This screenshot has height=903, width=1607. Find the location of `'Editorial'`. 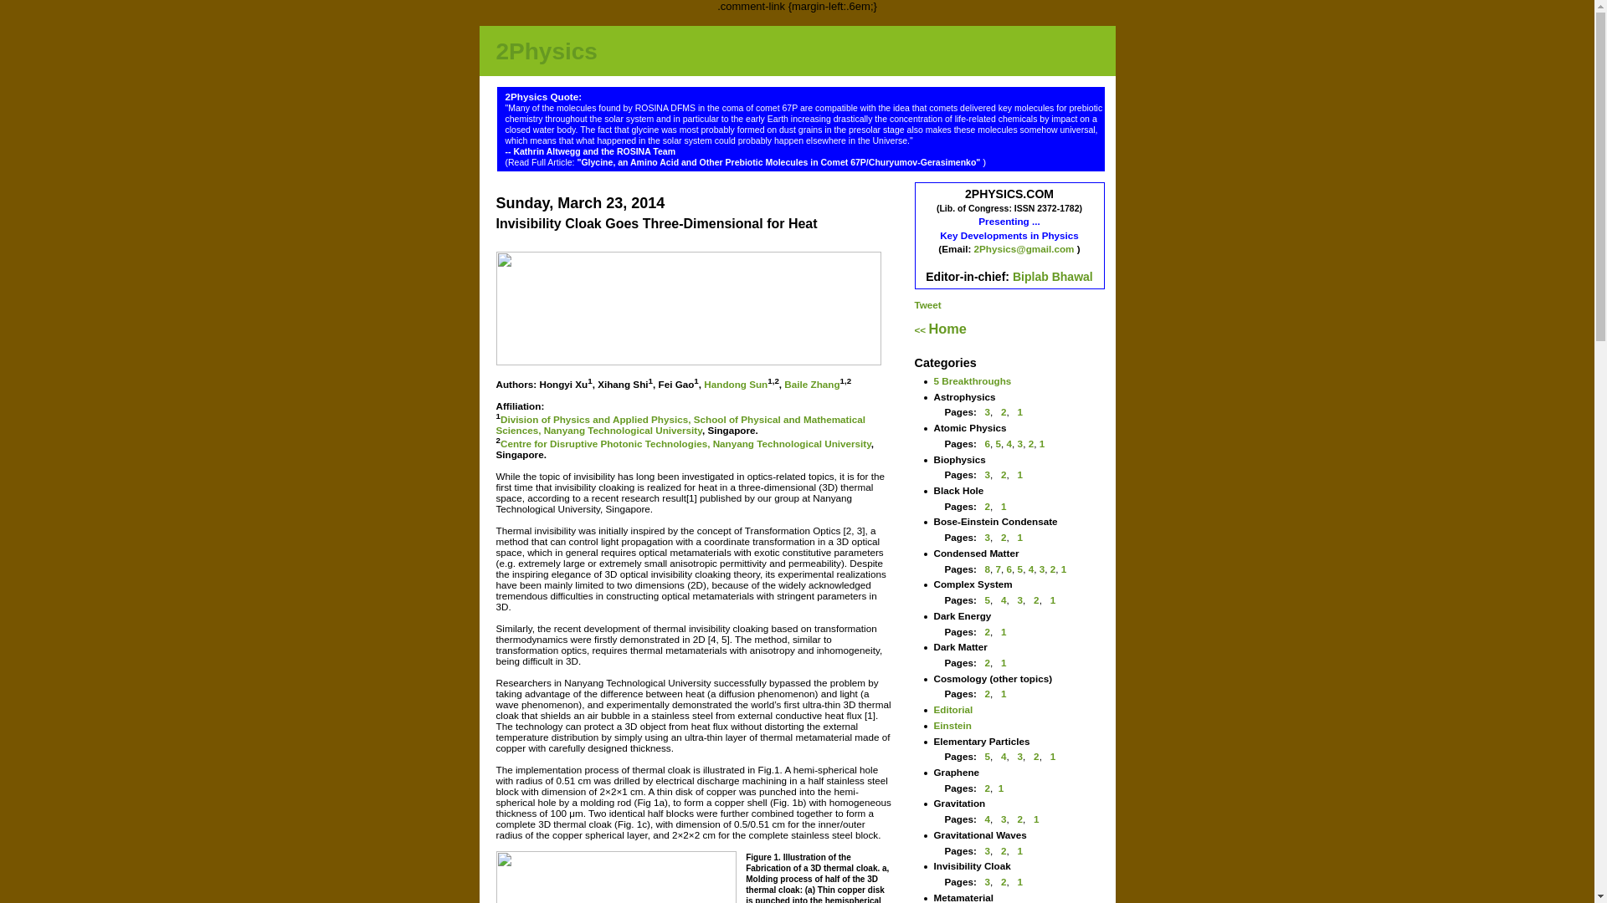

'Editorial' is located at coordinates (953, 709).